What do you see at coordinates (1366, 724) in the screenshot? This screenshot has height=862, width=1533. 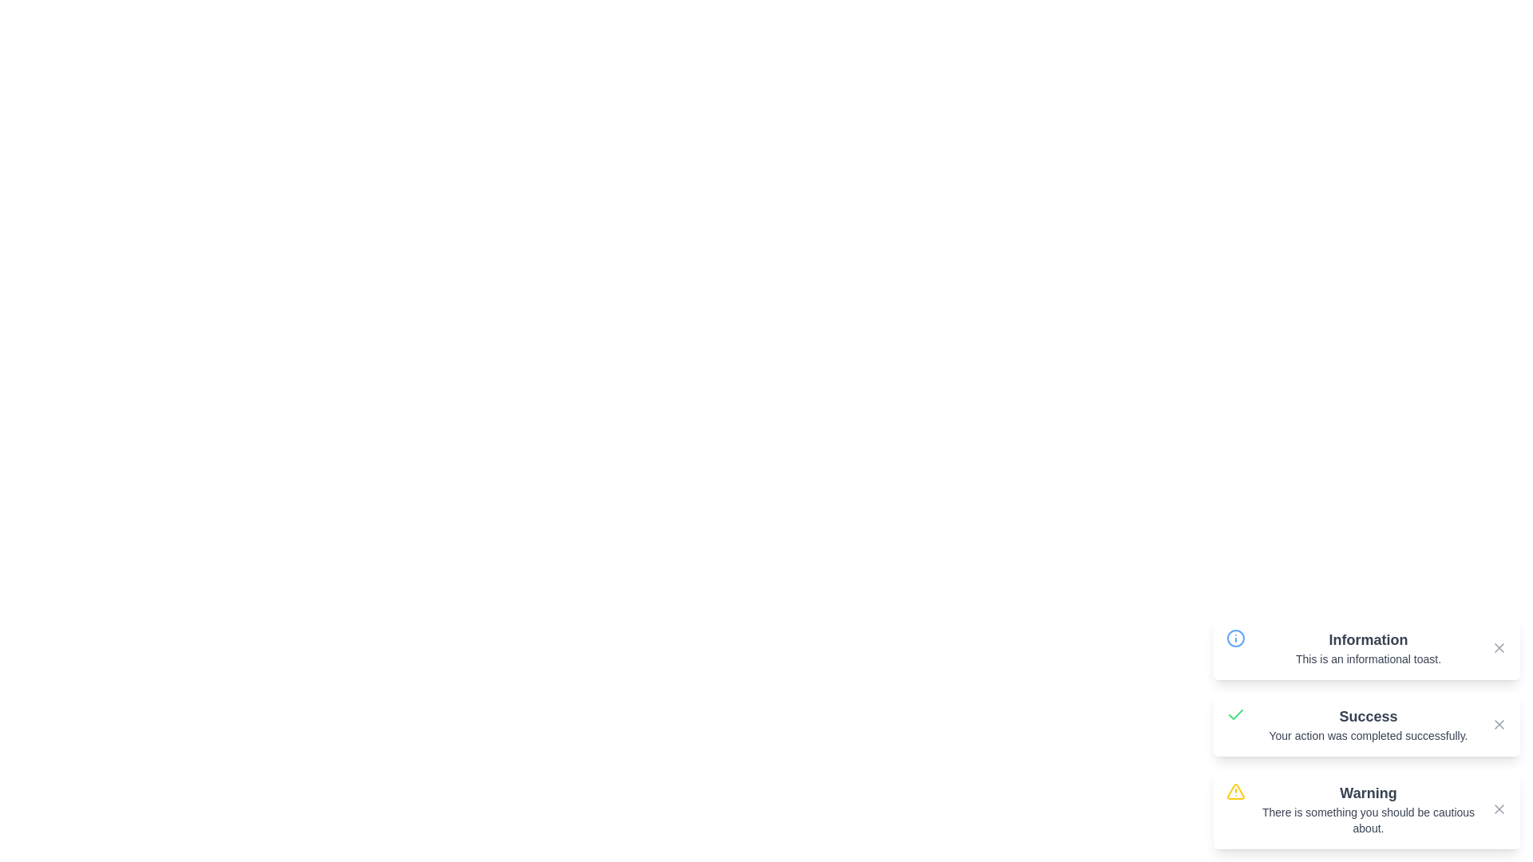 I see `the second notification toast, which is a rectangular notification box with a white background and green border, displaying a green check icon and the title 'Success'` at bounding box center [1366, 724].